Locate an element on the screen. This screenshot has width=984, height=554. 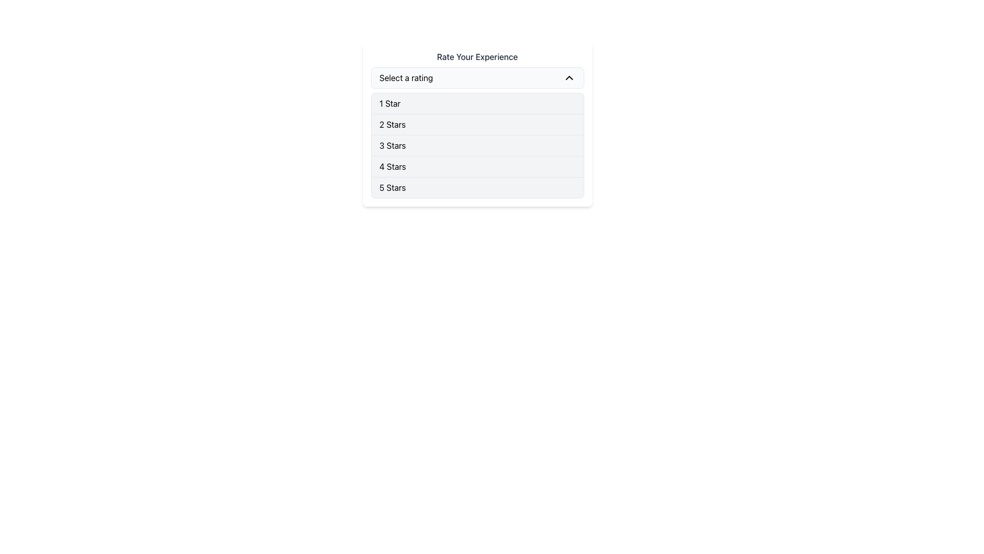
the '3 Stars' option in the dropdown list is located at coordinates (392, 146).